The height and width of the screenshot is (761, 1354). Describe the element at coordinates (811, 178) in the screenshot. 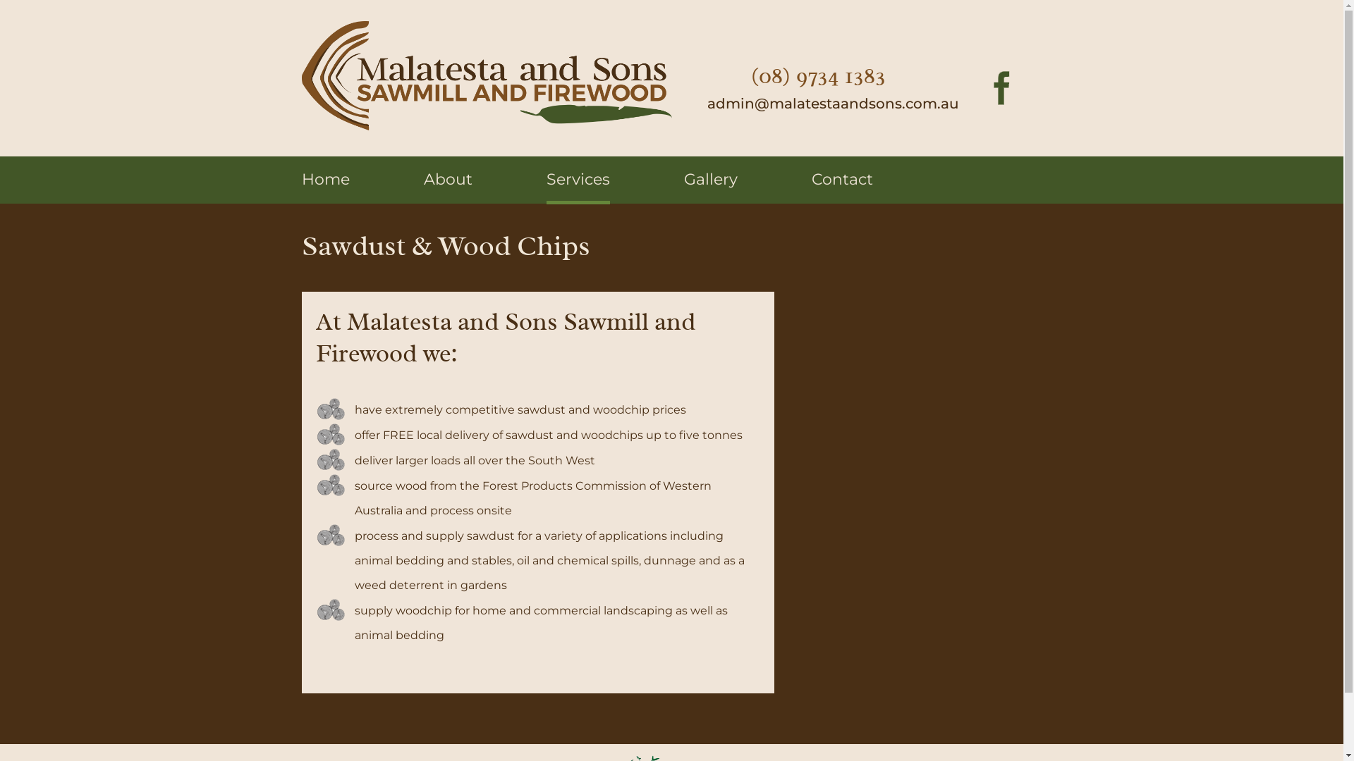

I see `'Contact'` at that location.